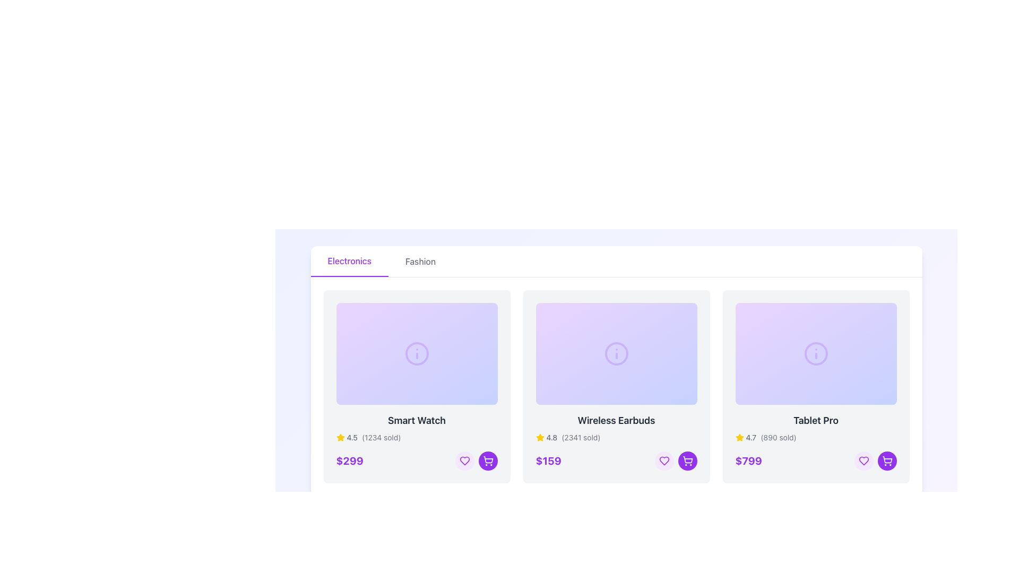 Image resolution: width=1019 pixels, height=573 pixels. What do you see at coordinates (863, 460) in the screenshot?
I see `the heart-shaped icon filled with purple hue` at bounding box center [863, 460].